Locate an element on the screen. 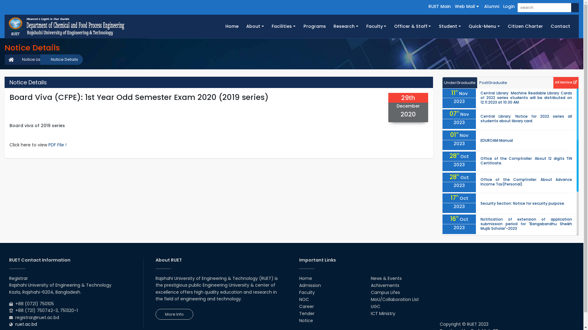  'UGC' is located at coordinates (375, 306).